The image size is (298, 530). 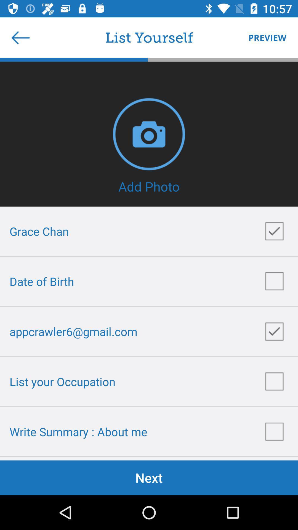 What do you see at coordinates (149, 134) in the screenshot?
I see `photo` at bounding box center [149, 134].